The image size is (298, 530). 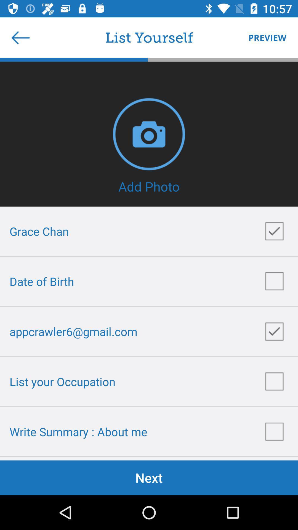 What do you see at coordinates (149, 134) in the screenshot?
I see `photo` at bounding box center [149, 134].